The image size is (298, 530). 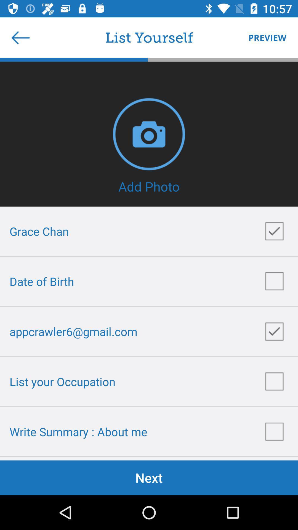 What do you see at coordinates (149, 134) in the screenshot?
I see `photo` at bounding box center [149, 134].